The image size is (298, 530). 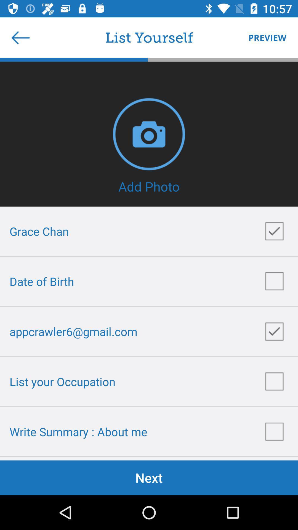 What do you see at coordinates (149, 134) in the screenshot?
I see `photo` at bounding box center [149, 134].